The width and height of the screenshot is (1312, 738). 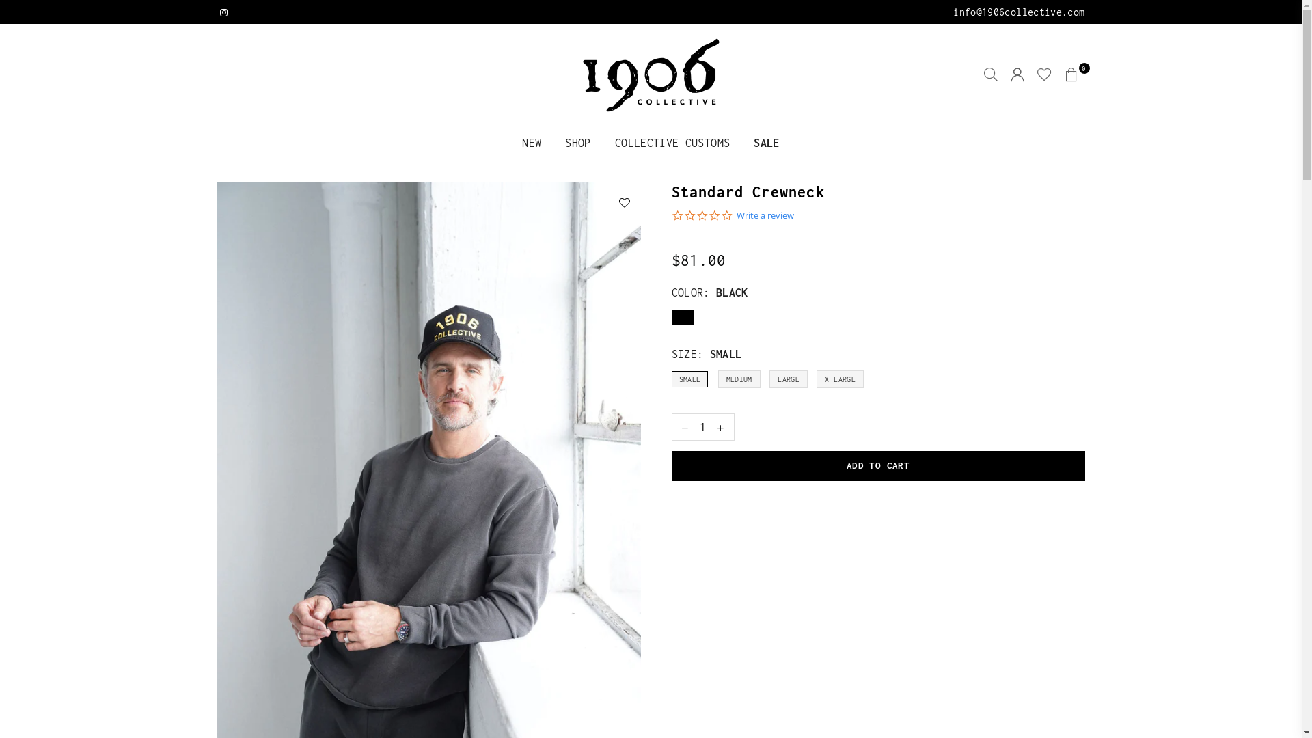 I want to click on 'COLLECTIVE CUSTOMS', so click(x=603, y=143).